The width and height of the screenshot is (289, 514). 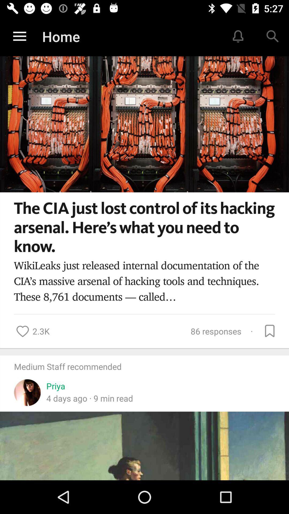 I want to click on bell icon, so click(x=238, y=36).